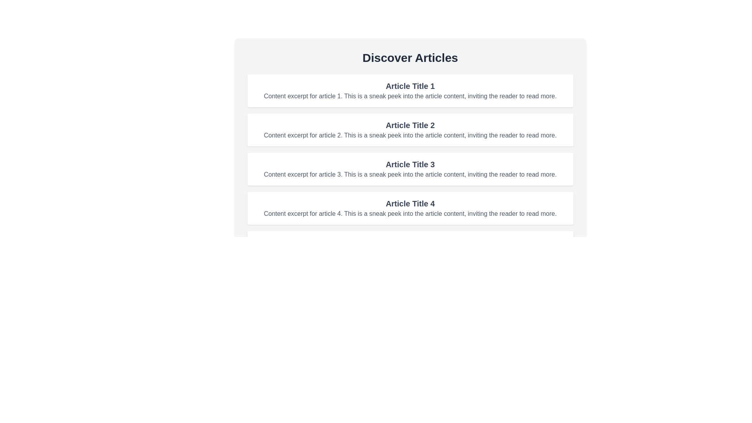 The image size is (752, 423). I want to click on text snippet styled in gray font located directly beneath the title 'Article Title 1' within the card layout, so click(410, 96).